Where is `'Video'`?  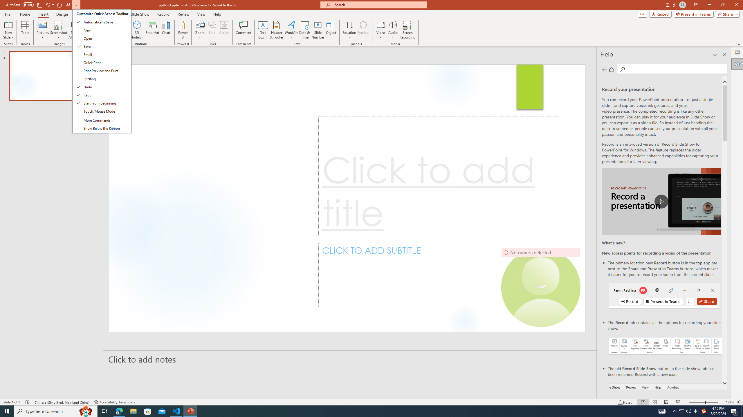 'Video' is located at coordinates (381, 30).